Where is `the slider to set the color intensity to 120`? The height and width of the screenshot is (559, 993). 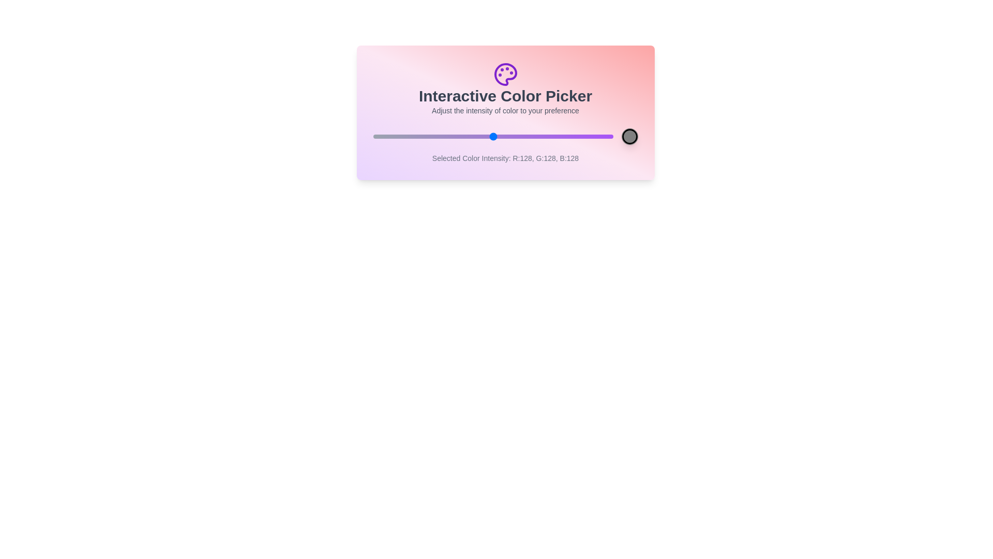
the slider to set the color intensity to 120 is located at coordinates (485, 136).